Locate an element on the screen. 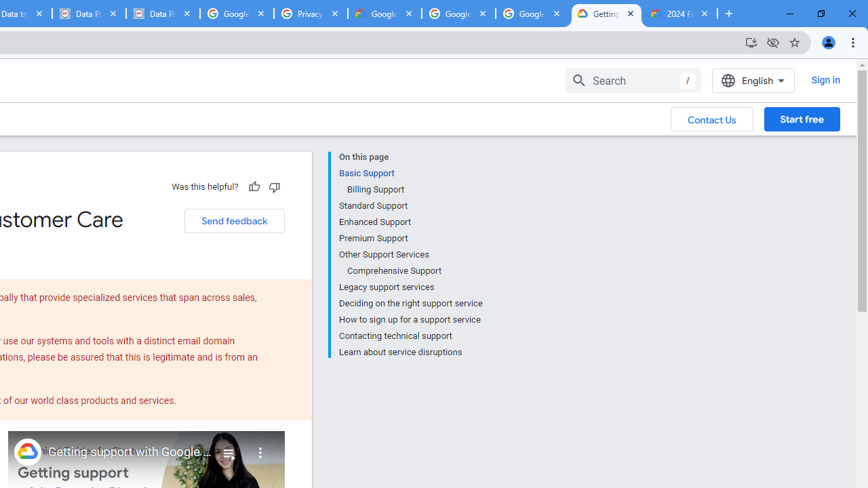 The width and height of the screenshot is (868, 488). 'Deciding on the right support service' is located at coordinates (410, 303).